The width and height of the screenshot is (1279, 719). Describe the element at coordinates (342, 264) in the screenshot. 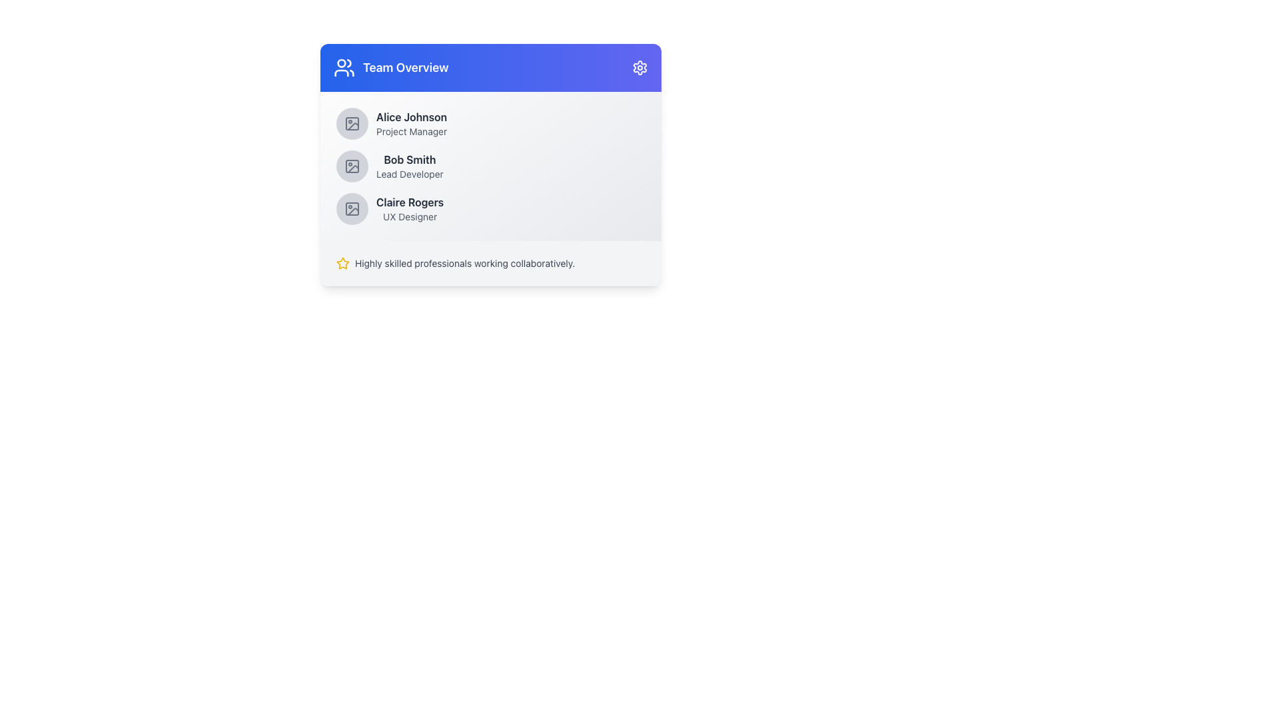

I see `the appearance of the star-shaped icon with a yellow fill located in the bottom section of the 'Team Overview' card, positioned to the left of the text 'Highly skilled professionals working collaboratively.'` at that location.